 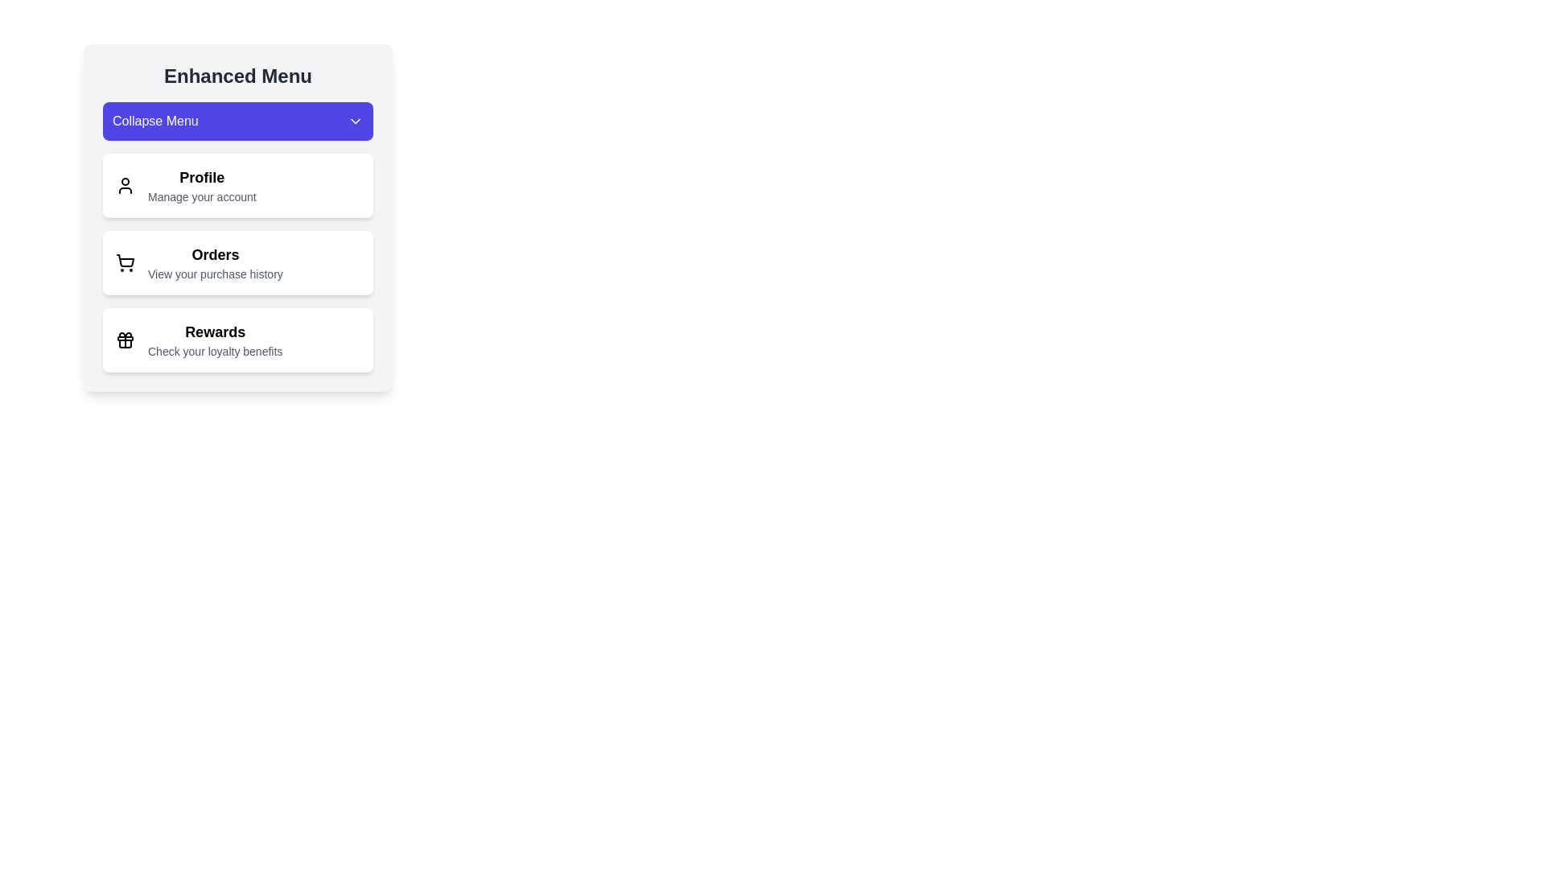 I want to click on the toggle button for collapsing or expanding the dropdown menu located at the top of the 'Enhanced Menu' section, so click(x=237, y=120).